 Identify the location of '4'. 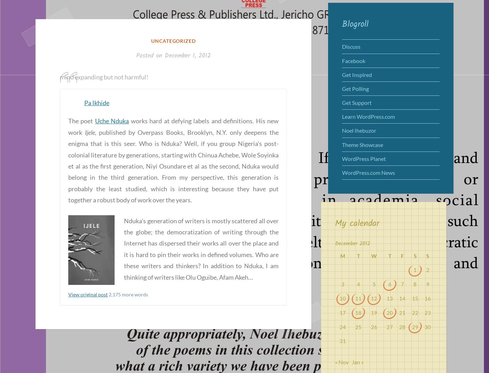
(358, 284).